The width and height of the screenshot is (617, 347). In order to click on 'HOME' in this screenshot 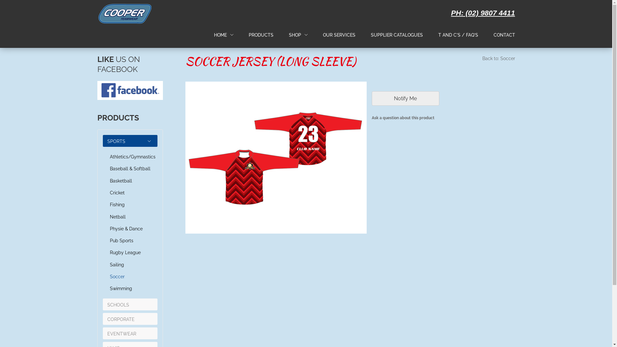, I will do `click(214, 35)`.